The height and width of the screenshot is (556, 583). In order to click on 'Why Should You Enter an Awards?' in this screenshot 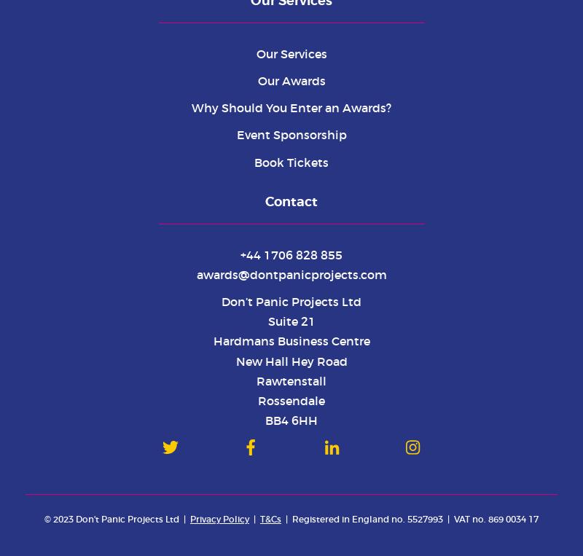, I will do `click(190, 107)`.